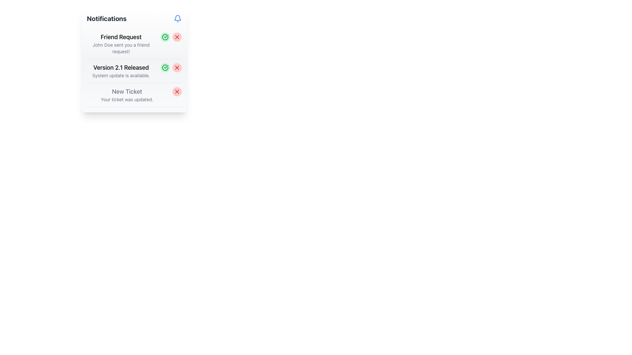  What do you see at coordinates (165, 67) in the screenshot?
I see `the confirmation button located to the left of the red circular button with a cross icon, which is associated with the notification labeled 'Version 2.1 Released'` at bounding box center [165, 67].